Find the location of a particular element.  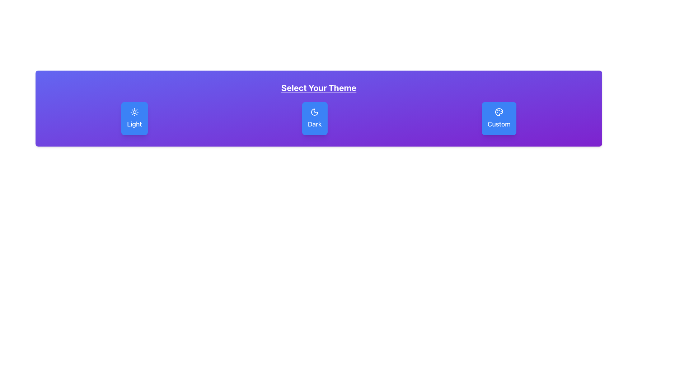

the text label reading 'Dark' which is styled in a large bold font, located at the center of the middle card in a three-card series is located at coordinates (315, 124).